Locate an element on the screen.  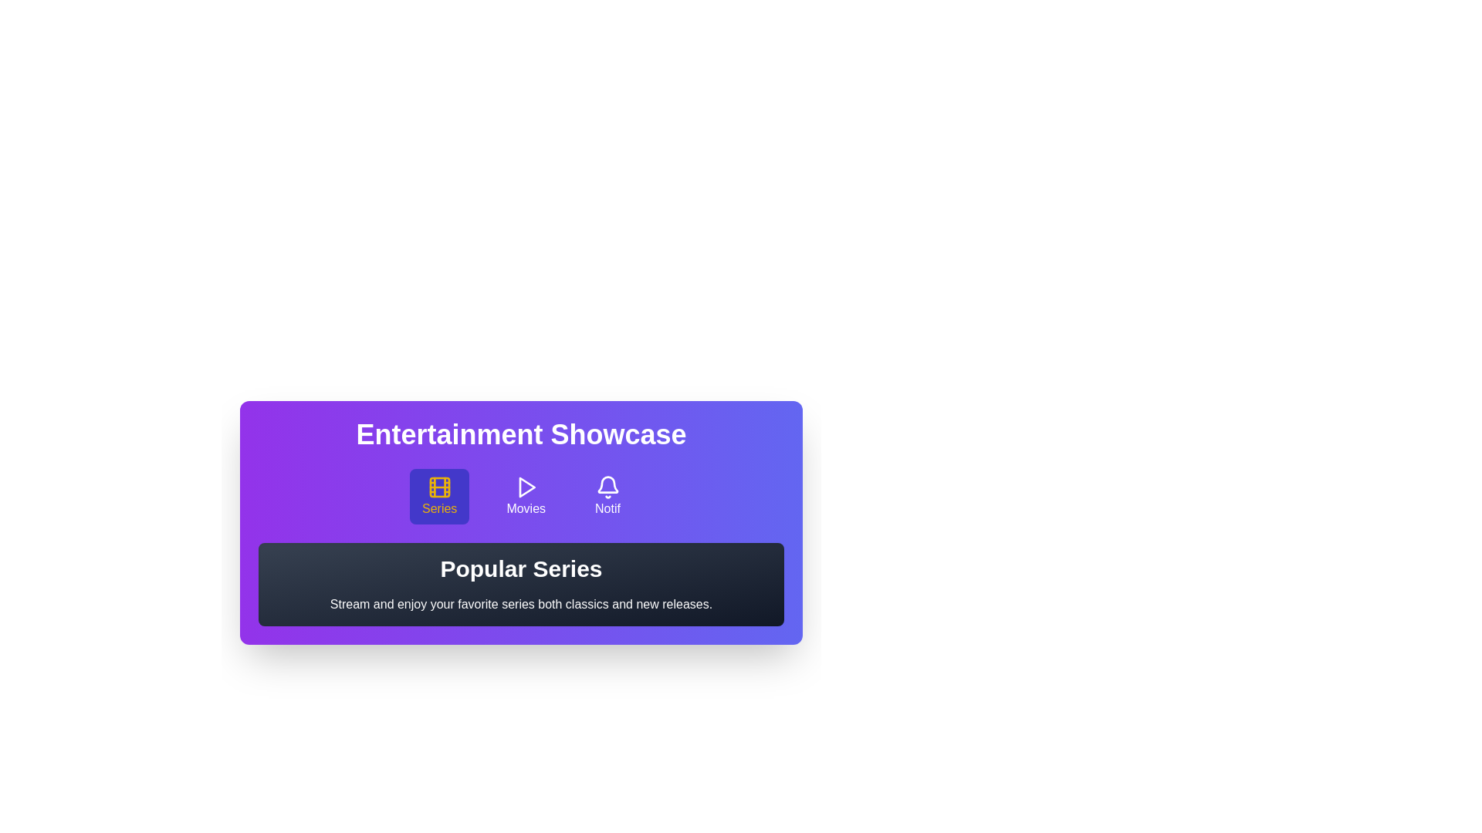
the triangular-shaped play button icon outlined in red or pink, located between the 'Series' and 'Notif' icons in the header section representing 'Movies' is located at coordinates (527, 487).